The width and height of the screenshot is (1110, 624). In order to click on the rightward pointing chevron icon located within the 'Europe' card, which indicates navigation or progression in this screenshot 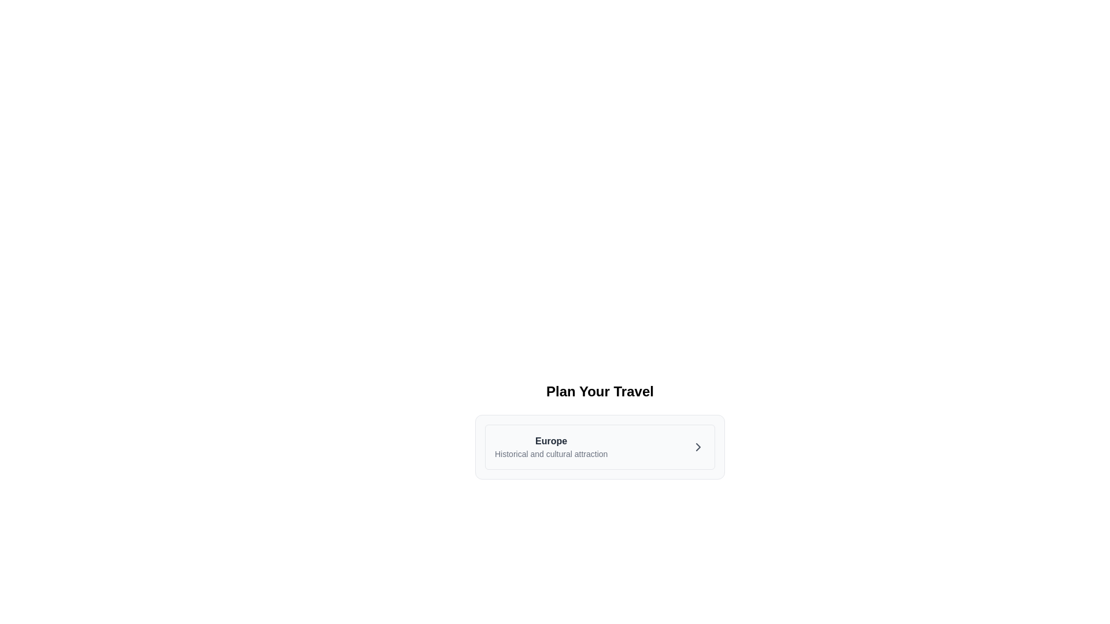, I will do `click(698, 447)`.